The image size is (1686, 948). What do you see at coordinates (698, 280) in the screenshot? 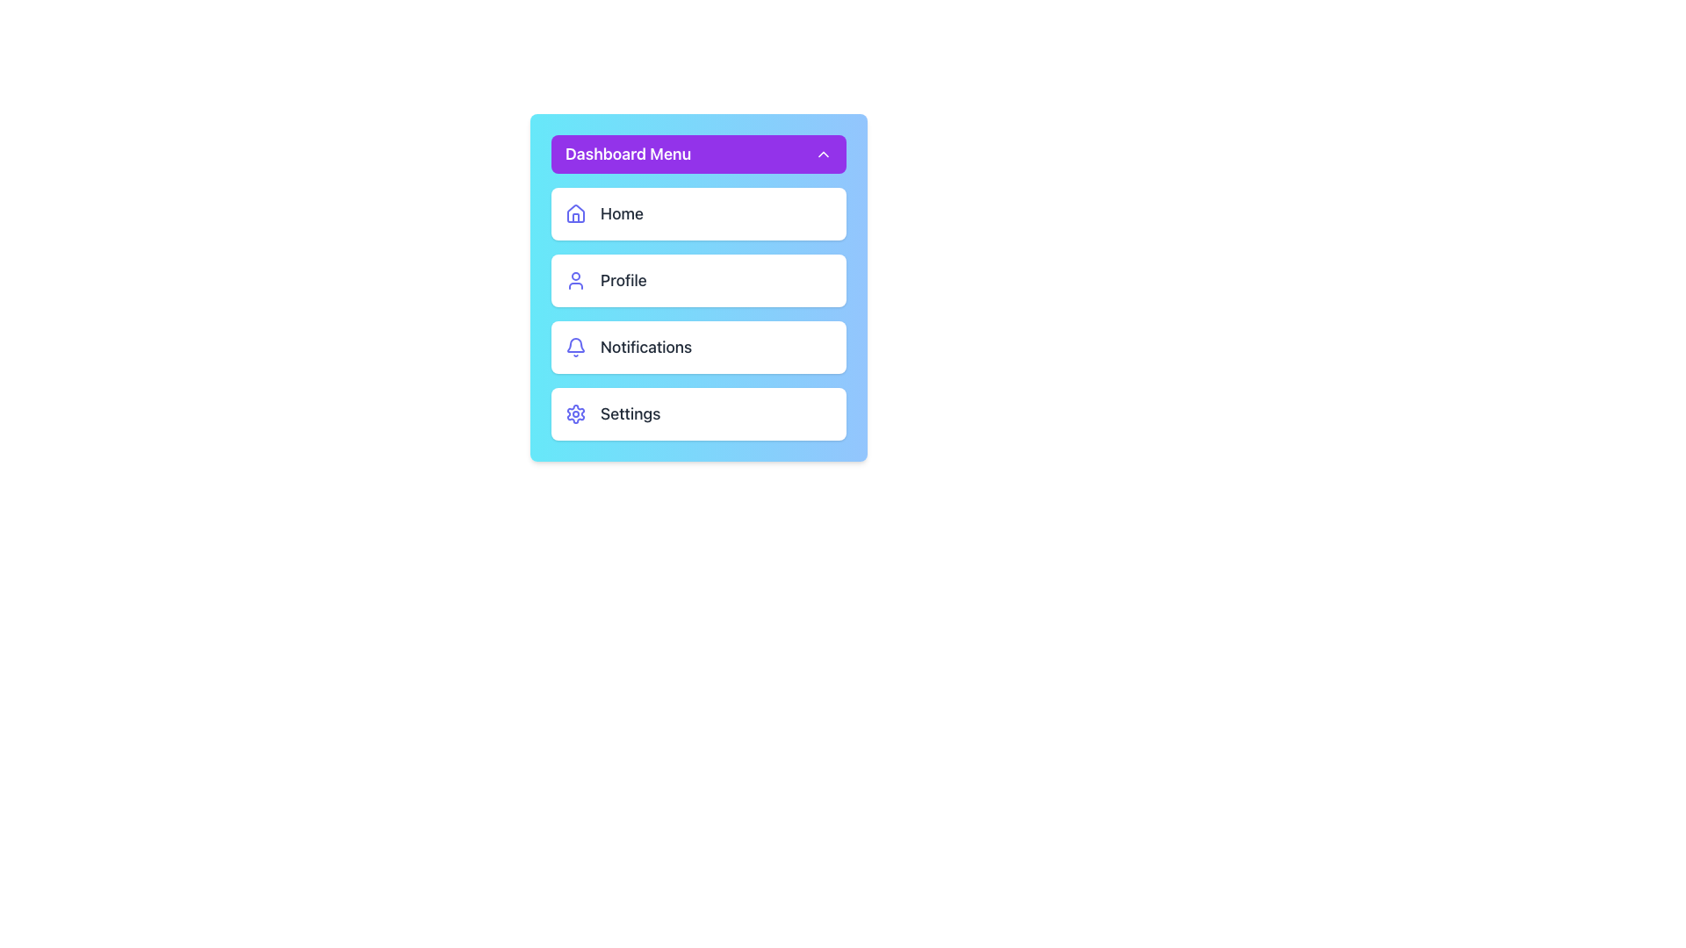
I see `the 'Profile' navigation item` at bounding box center [698, 280].